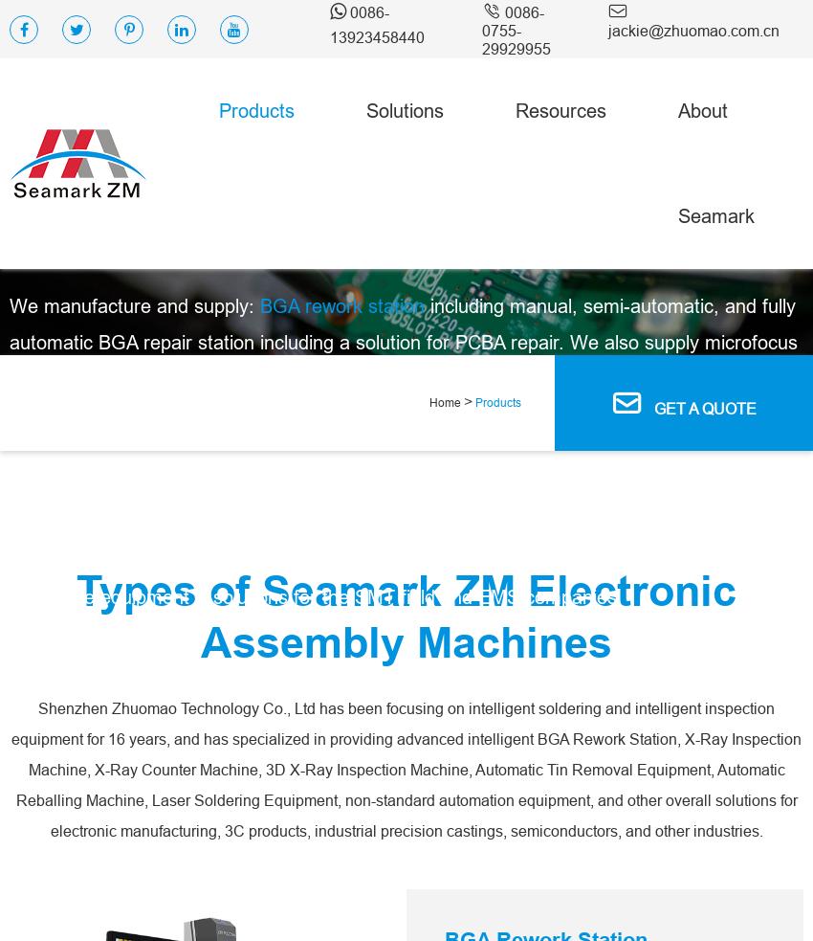 Image resolution: width=813 pixels, height=941 pixels. Describe the element at coordinates (741, 585) in the screenshot. I see `'Company News'` at that location.